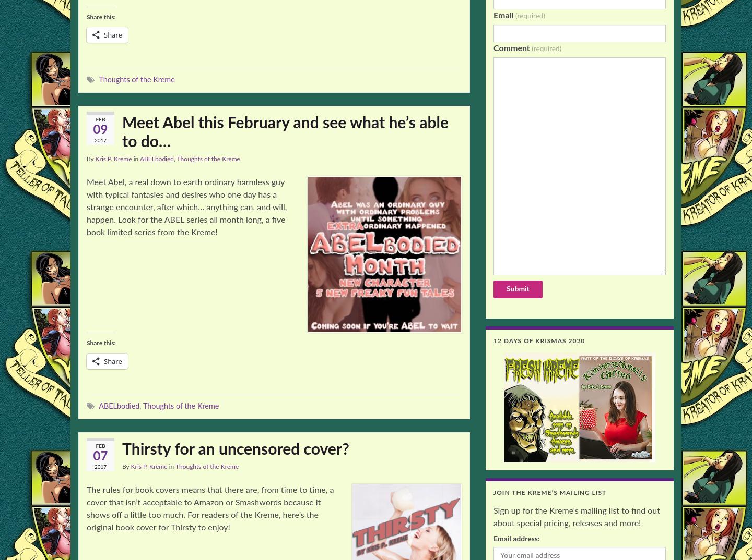 The image size is (752, 560). Describe the element at coordinates (576, 516) in the screenshot. I see `'Sign up for the Kreme's mailing list to find out about special pricing, releases and more!'` at that location.